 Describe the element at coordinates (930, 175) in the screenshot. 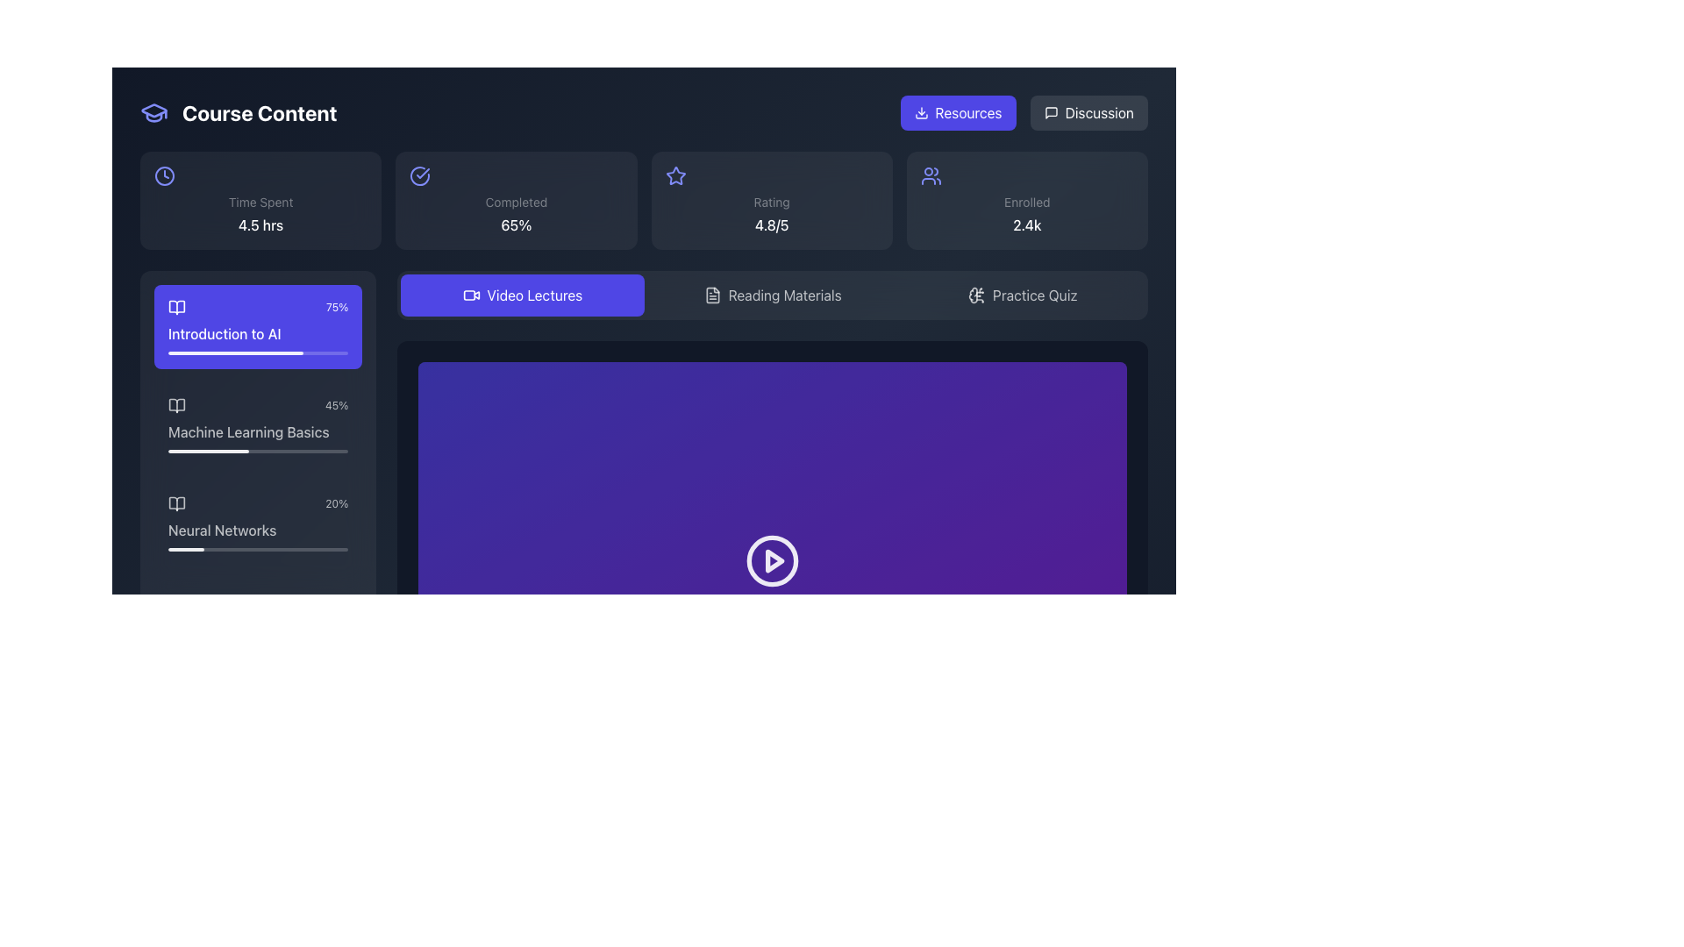

I see `the user statistics icon located in the top-right section of the interface, specifically within the third card from the left in the top row, above the text 'Enrolled'` at that location.